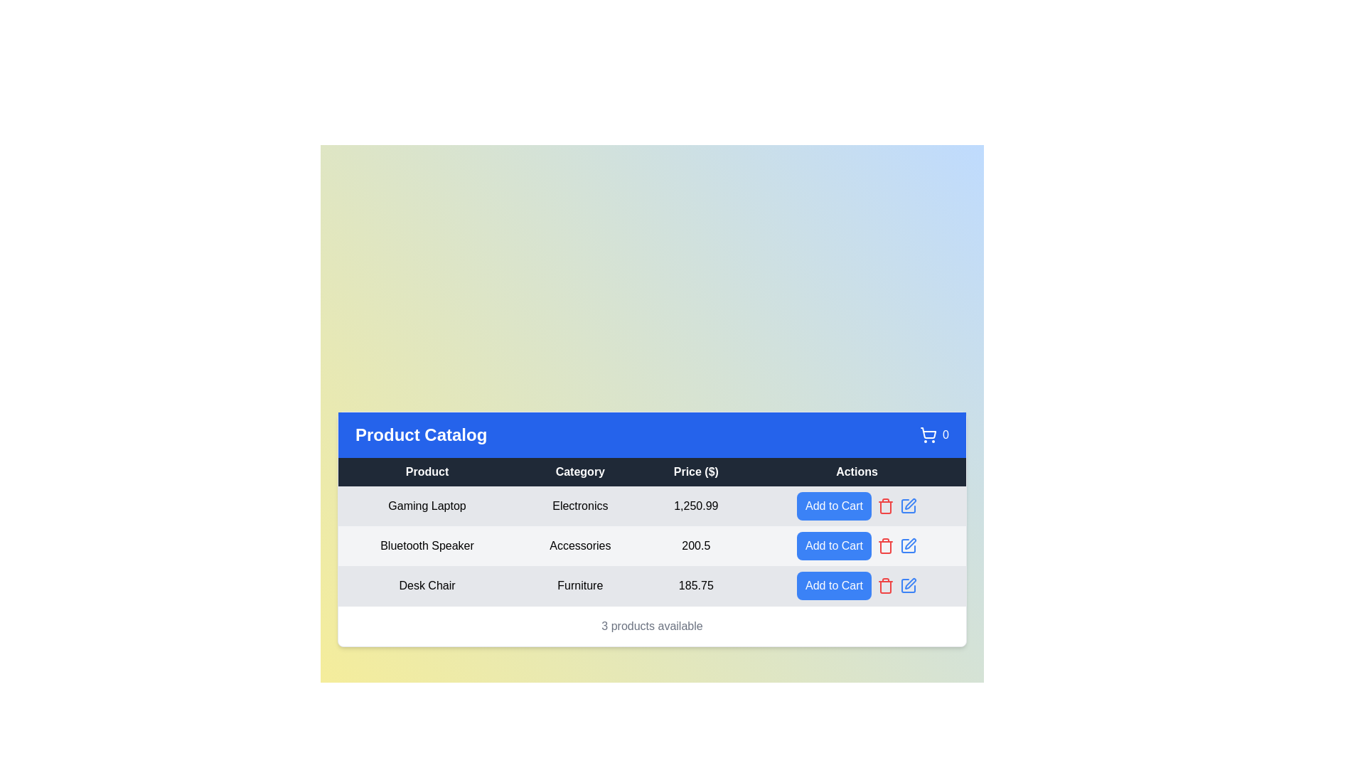  Describe the element at coordinates (696, 545) in the screenshot. I see `the Text label displaying the price '200.5' for the item in the second row of the table under the 'Price ($)' column, which is aligned with 'Bluetooth Speaker'` at that location.